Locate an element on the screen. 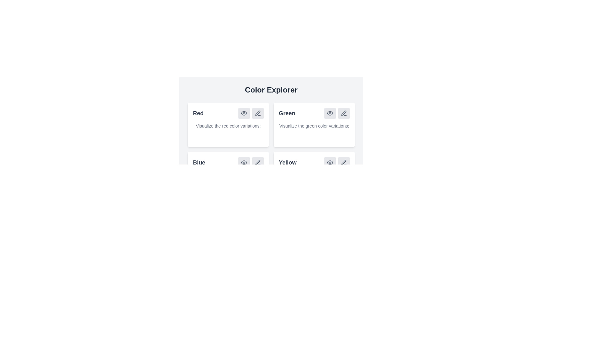 This screenshot has height=341, width=607. the label displaying the word 'GREEN' in large, bold gray font, located in the second column of the top row within a card titled 'Visualize the green color variations.' is located at coordinates (286, 113).